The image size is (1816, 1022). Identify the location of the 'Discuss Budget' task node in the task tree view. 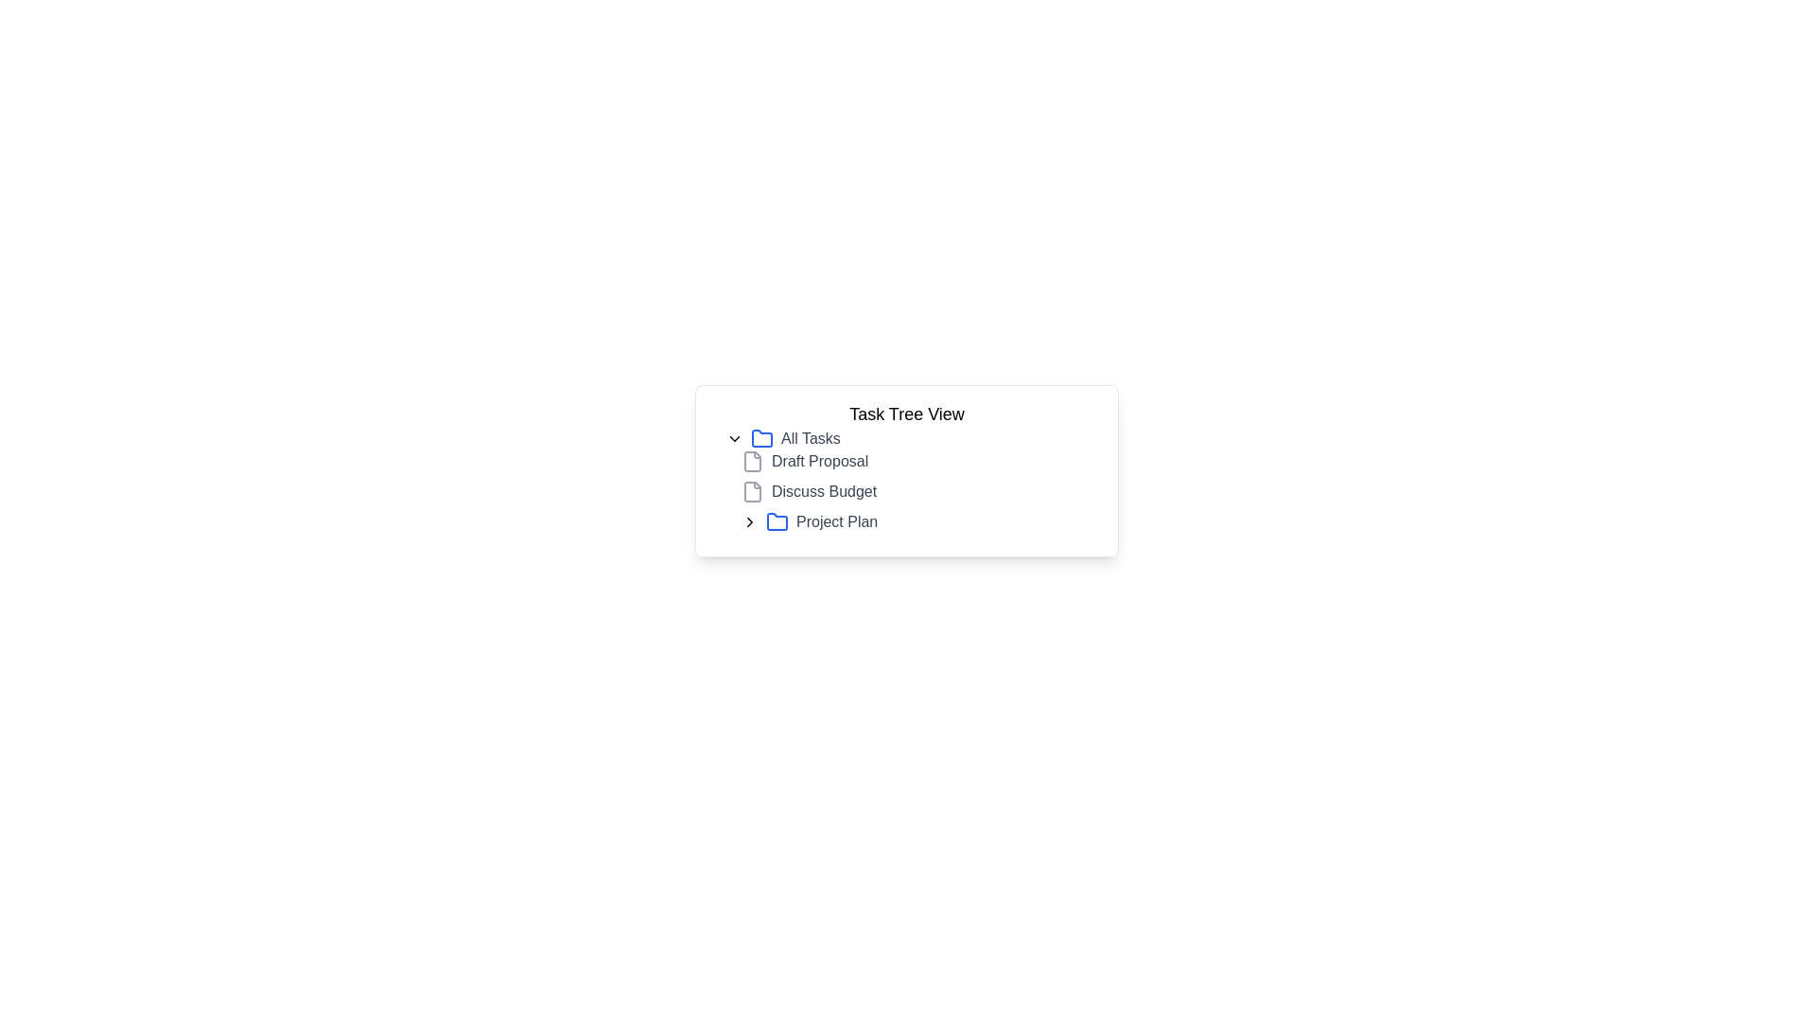
(921, 491).